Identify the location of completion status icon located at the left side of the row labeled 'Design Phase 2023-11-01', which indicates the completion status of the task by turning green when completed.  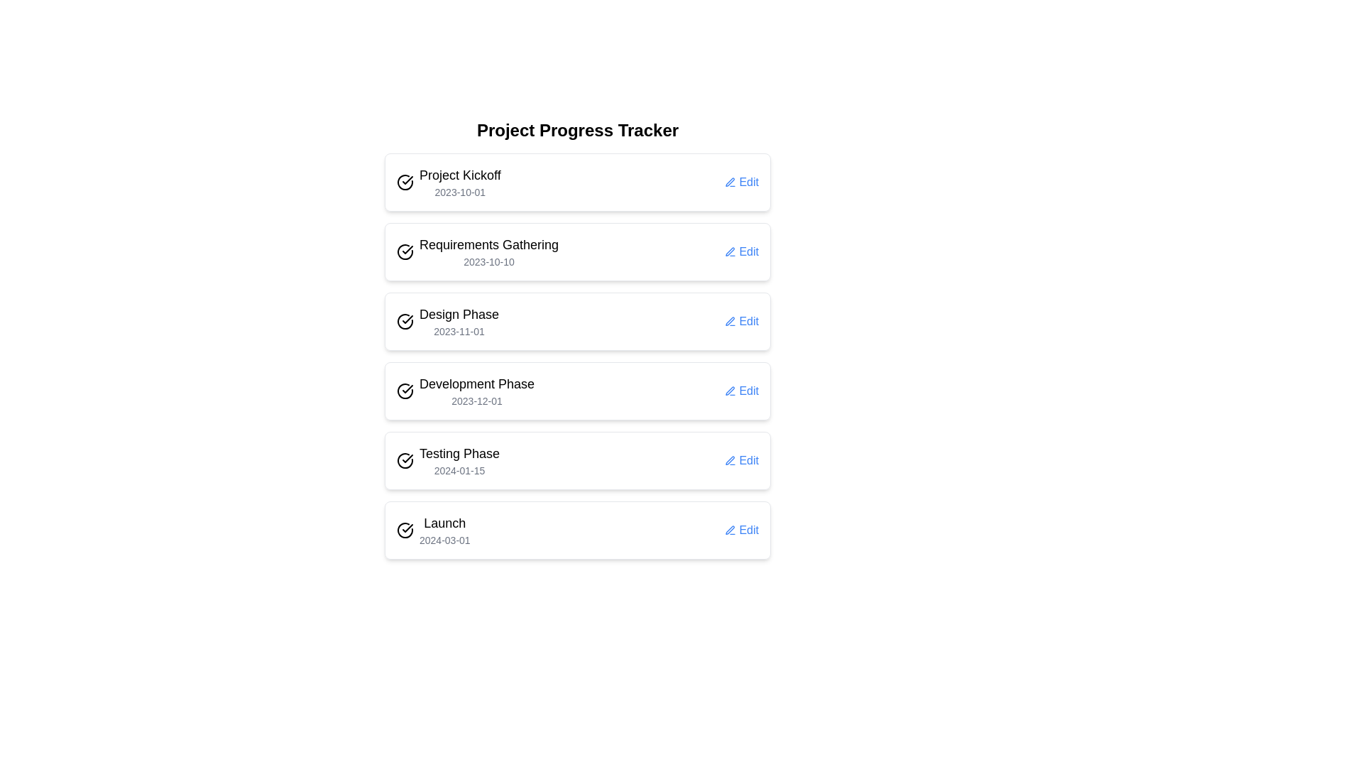
(405, 321).